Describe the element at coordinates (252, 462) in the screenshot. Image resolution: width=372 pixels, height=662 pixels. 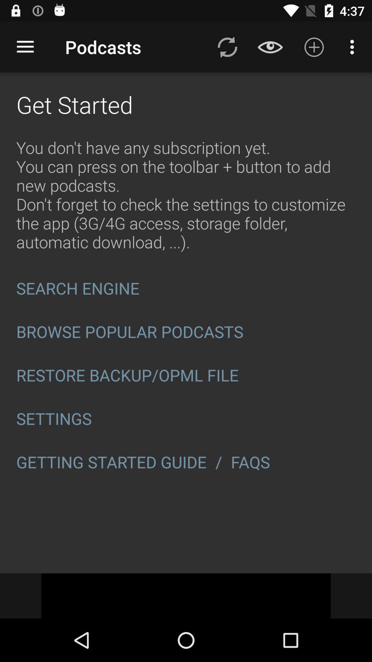
I see `item to the right of  /  icon` at that location.